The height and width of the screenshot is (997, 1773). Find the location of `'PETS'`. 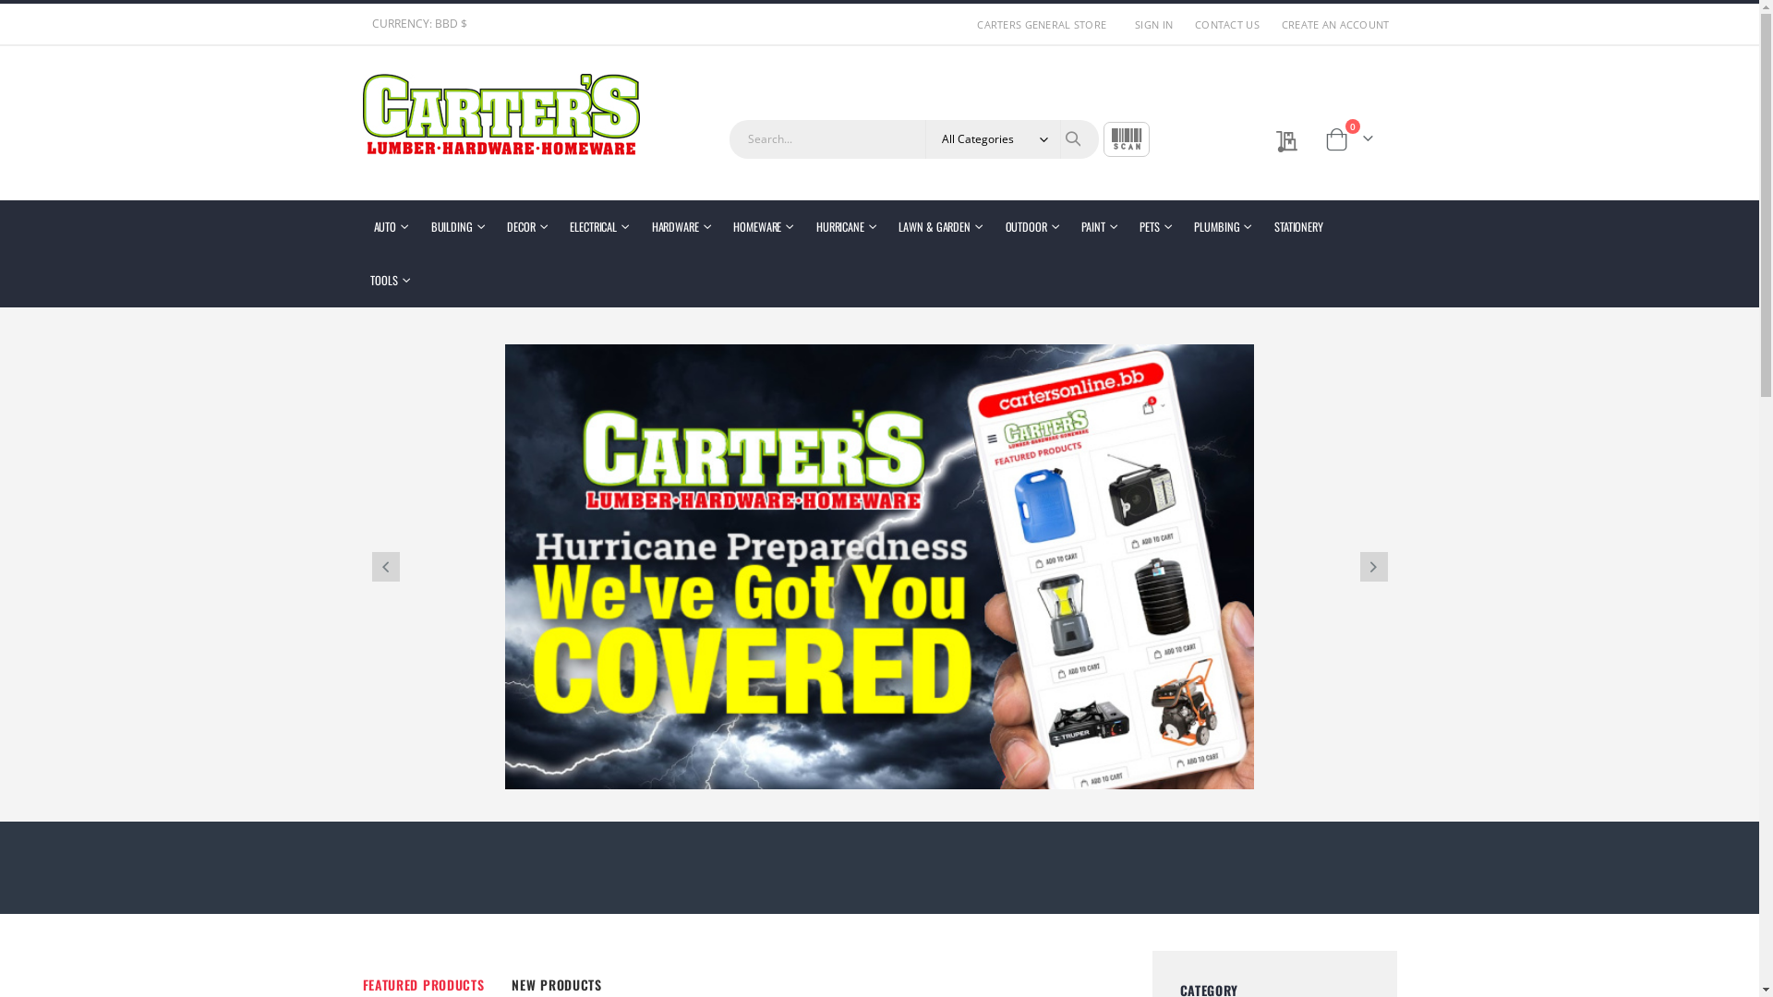

'PETS' is located at coordinates (1154, 226).